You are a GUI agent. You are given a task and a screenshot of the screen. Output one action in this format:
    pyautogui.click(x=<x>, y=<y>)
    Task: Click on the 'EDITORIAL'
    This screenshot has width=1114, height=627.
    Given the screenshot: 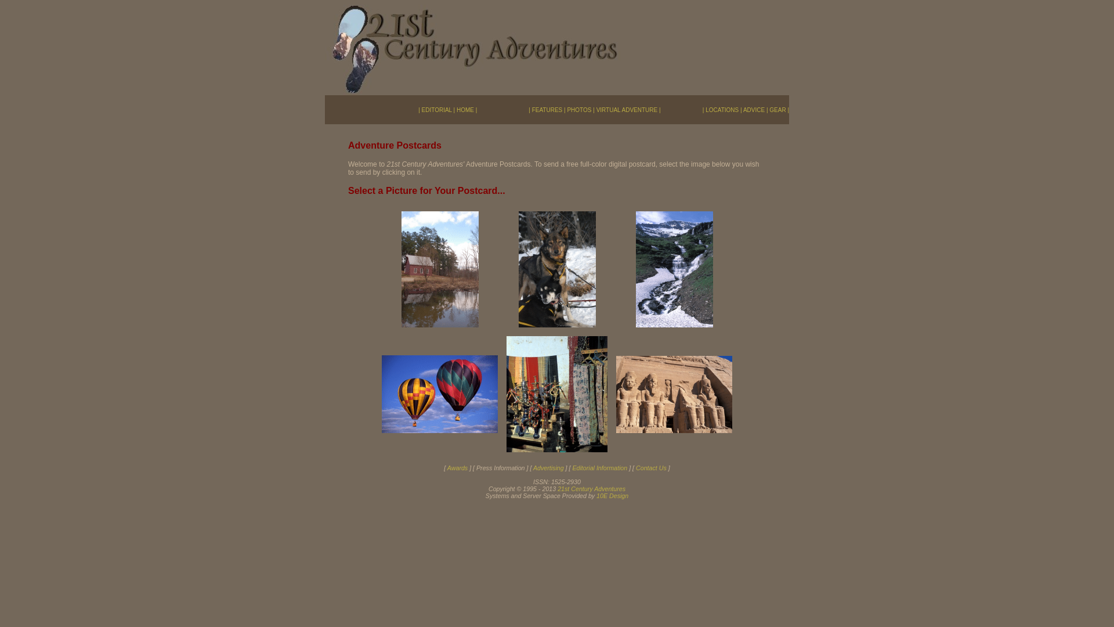 What is the action you would take?
    pyautogui.click(x=436, y=110)
    